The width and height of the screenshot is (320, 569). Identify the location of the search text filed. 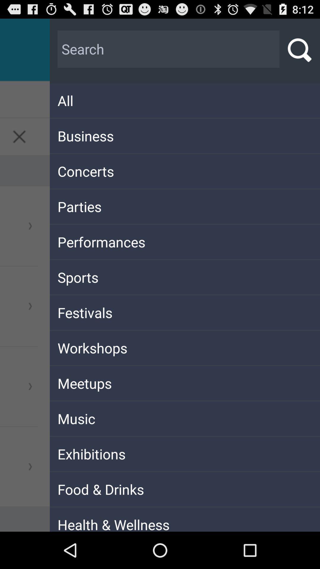
(169, 49).